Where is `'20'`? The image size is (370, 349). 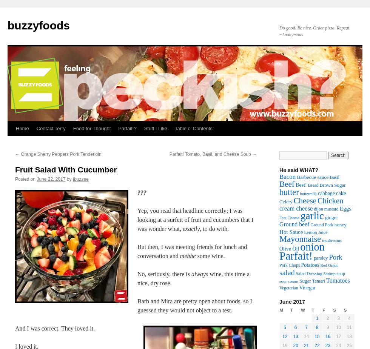 '20' is located at coordinates (295, 346).